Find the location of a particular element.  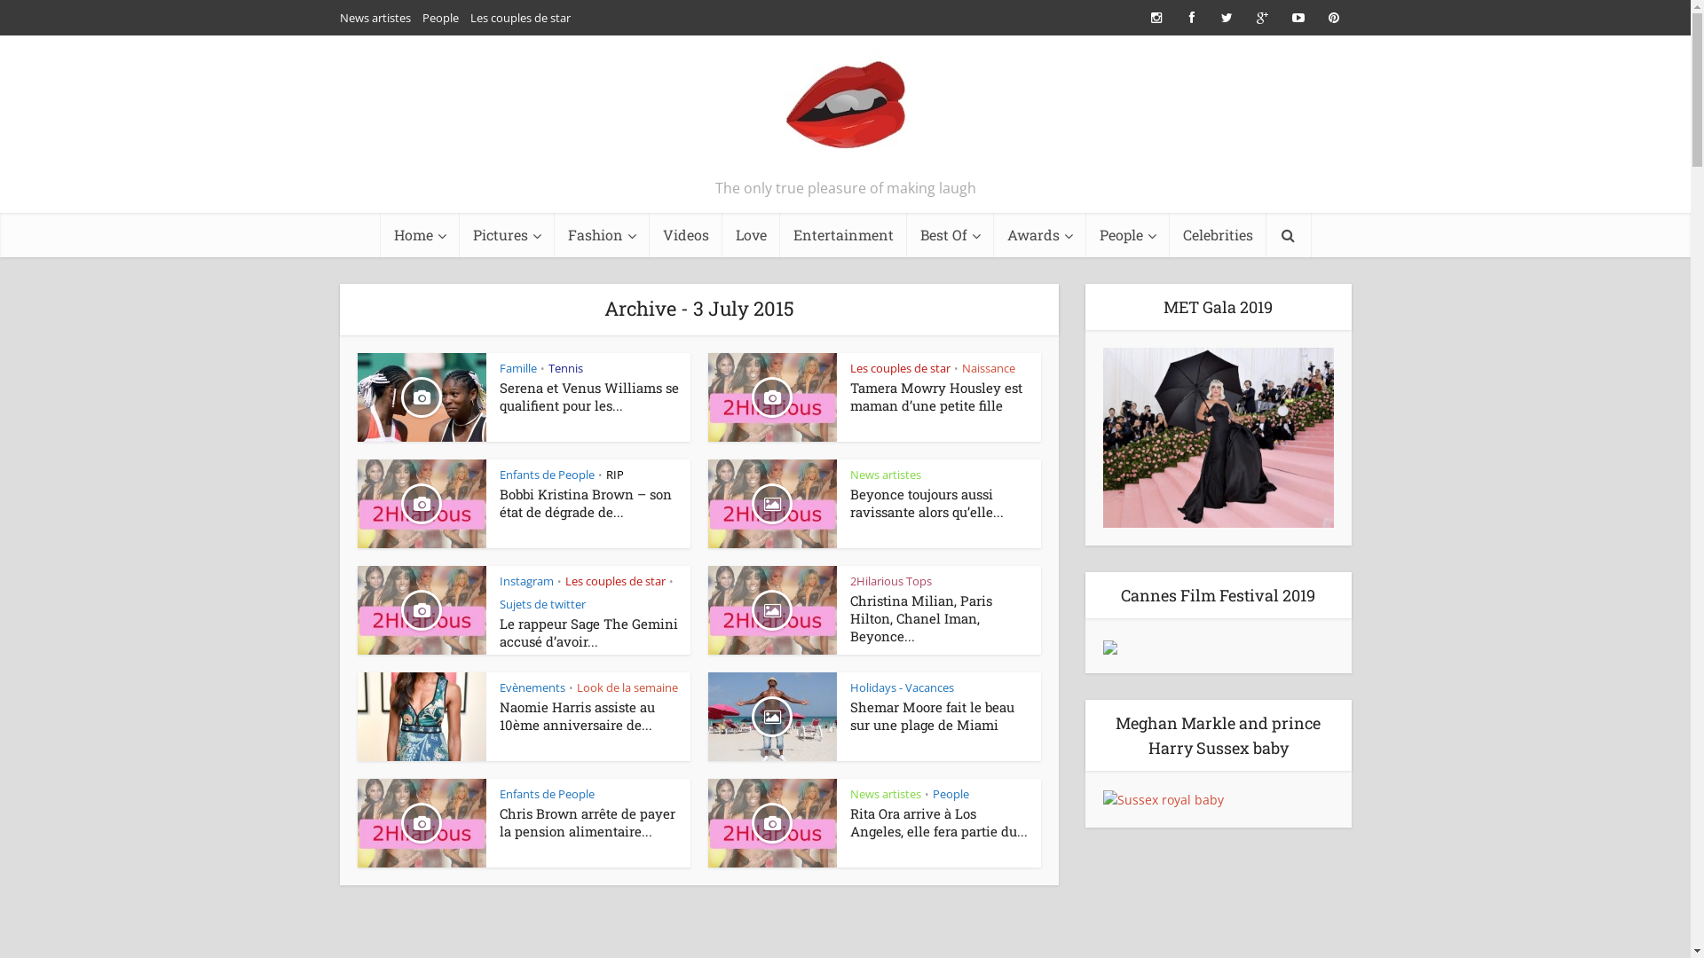

'Famille' is located at coordinates (516, 367).